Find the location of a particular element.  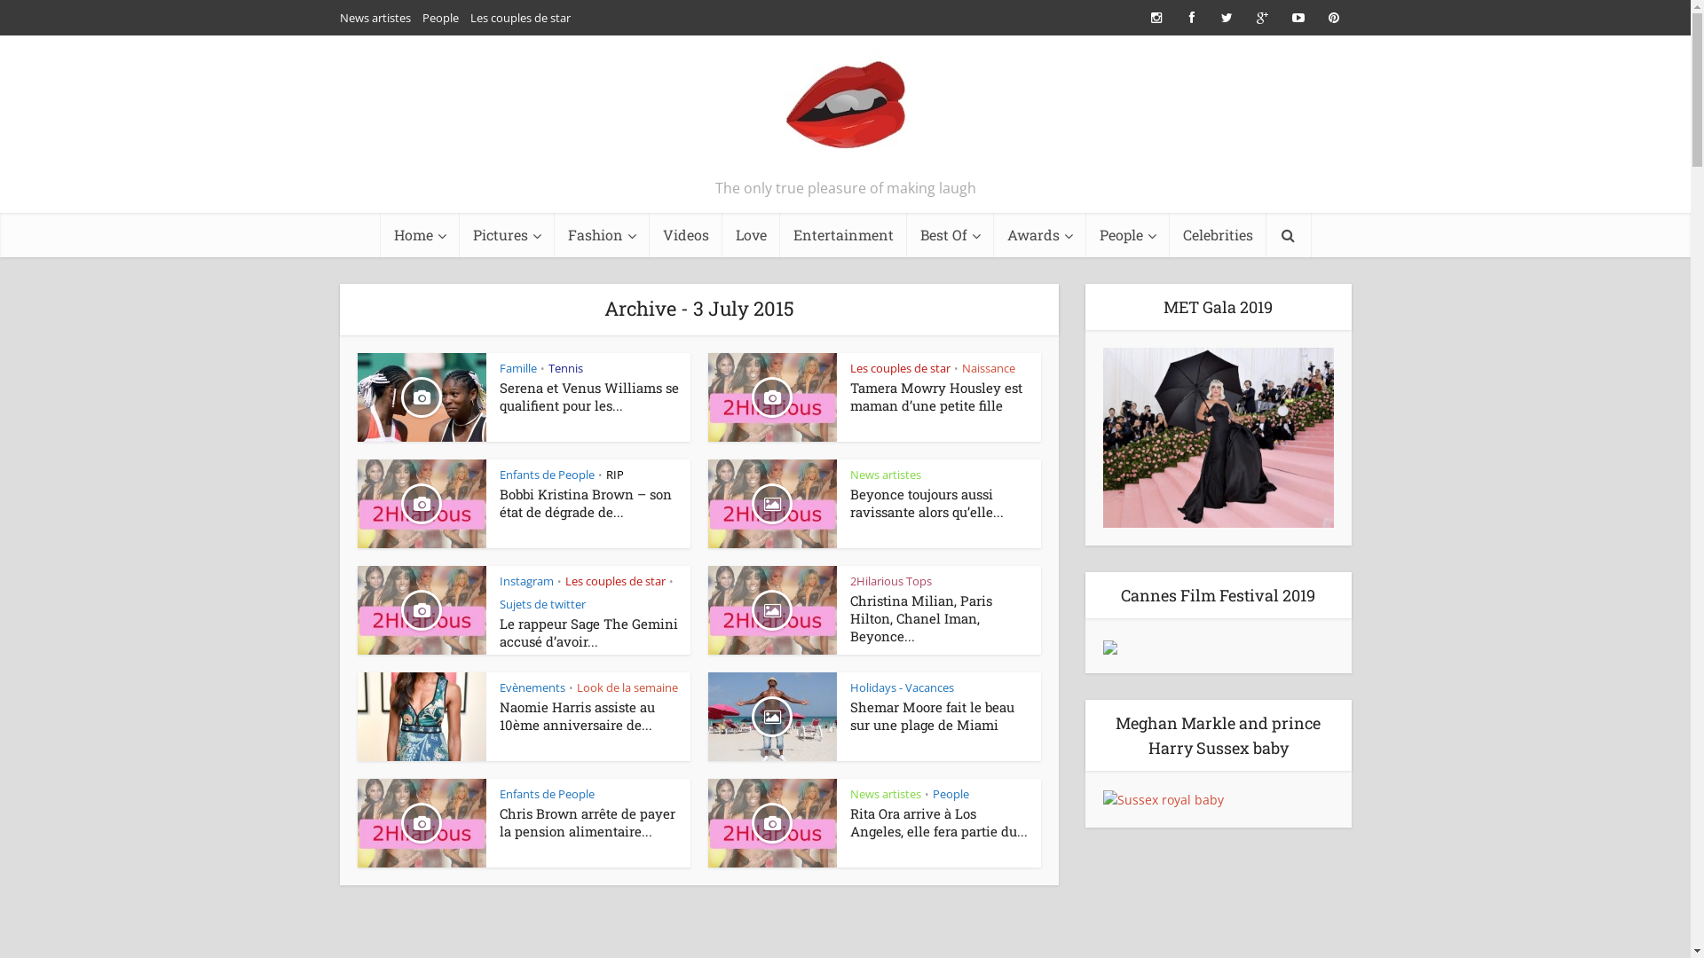

'Famille' is located at coordinates (516, 367).